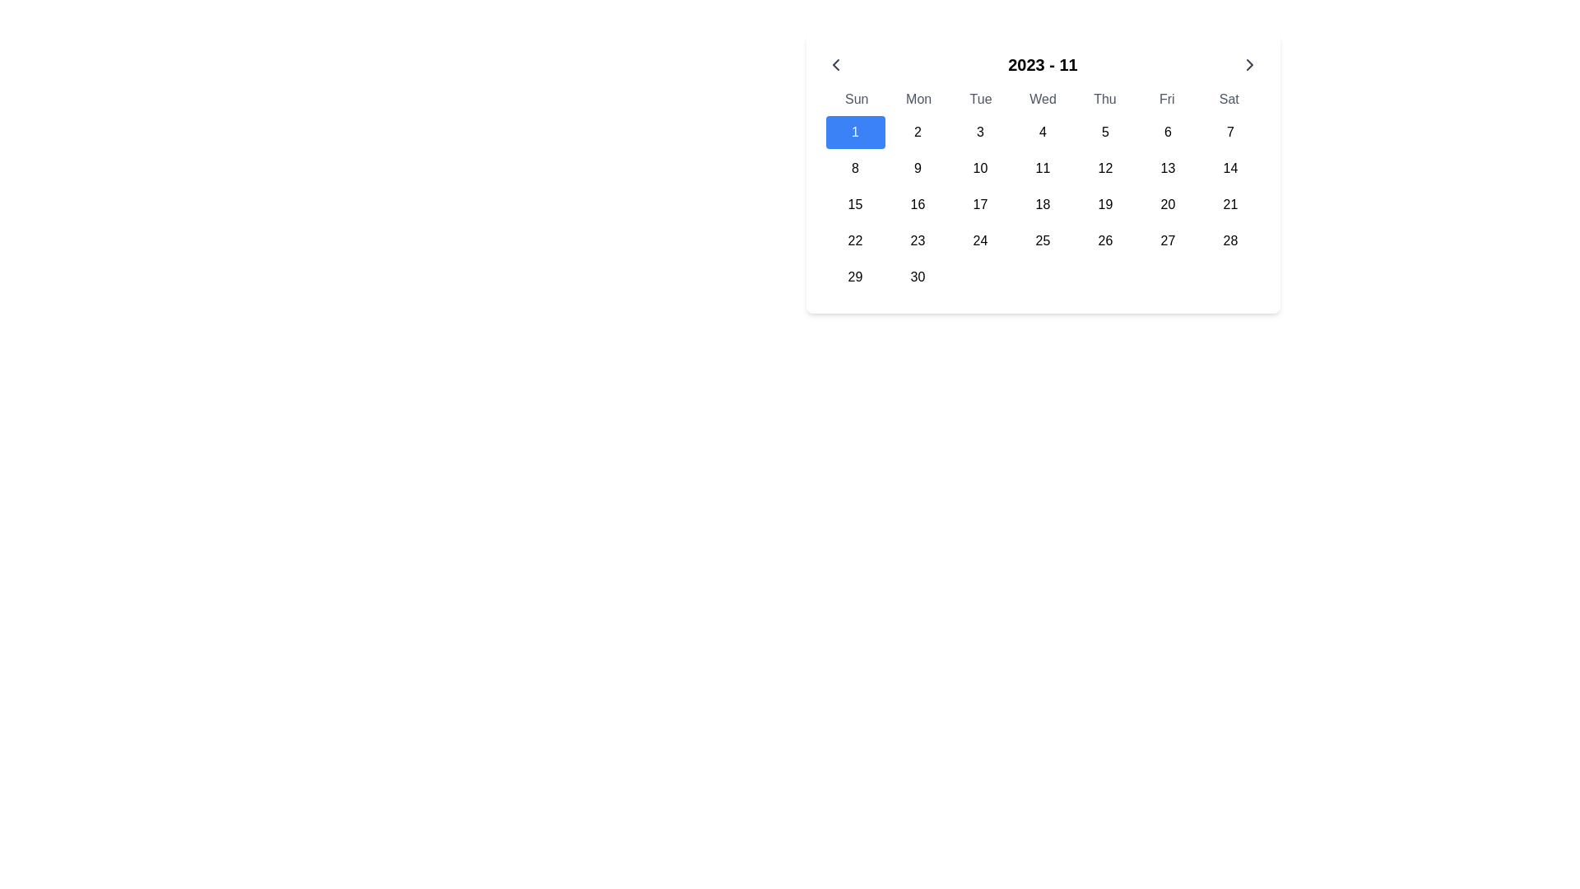 The image size is (1580, 889). What do you see at coordinates (1229, 99) in the screenshot?
I see `the static text label displaying 'Sat', which is the last element in the horizontal list of days of the week in the calendar view` at bounding box center [1229, 99].